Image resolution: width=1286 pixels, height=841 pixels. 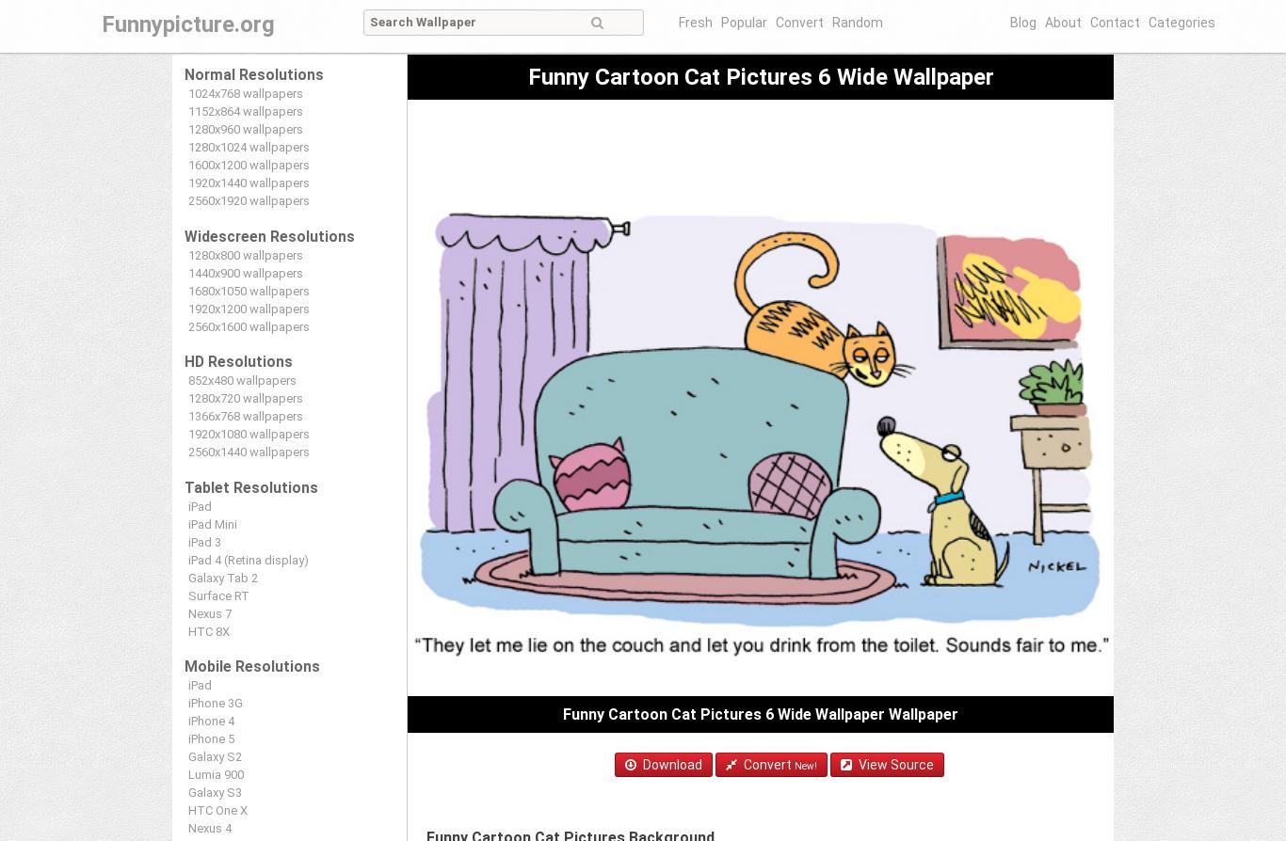 I want to click on 'Normal Resolutions', so click(x=254, y=75).